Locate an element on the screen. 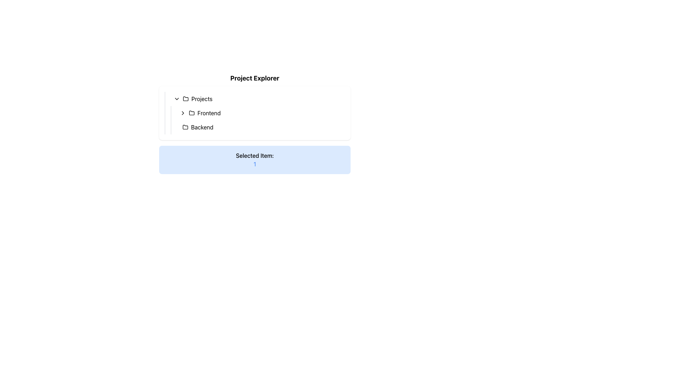  the toggle icon located at the far-left side within the Projects group is located at coordinates (177, 99).